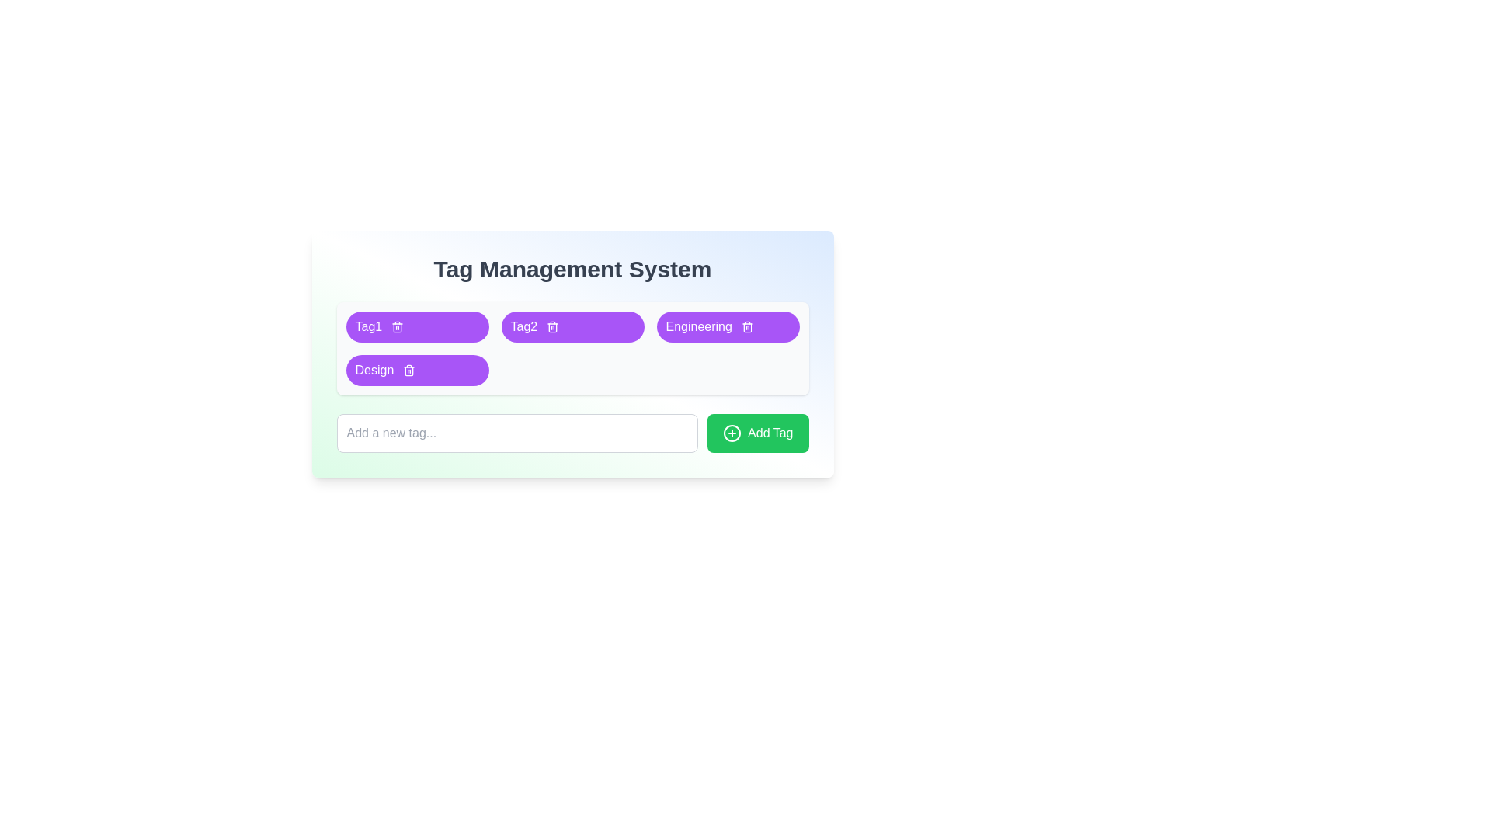 This screenshot has width=1491, height=839. Describe the element at coordinates (367, 326) in the screenshot. I see `the text label 'Tag1', which is styled with a white font on a purple rounded background, located as the first tag` at that location.